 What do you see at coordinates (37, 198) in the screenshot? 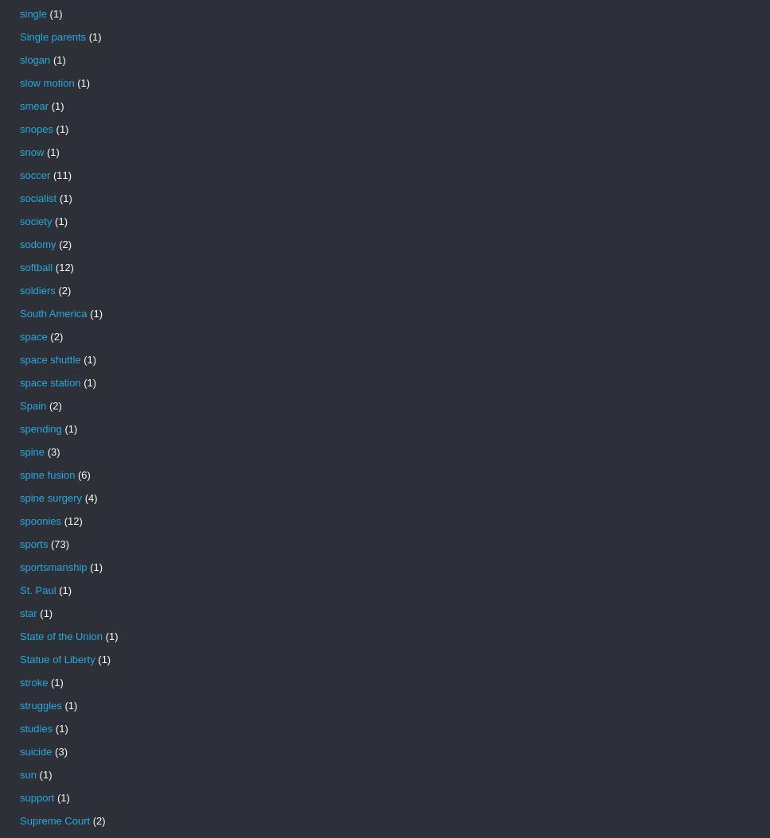
I see `'socialist'` at bounding box center [37, 198].